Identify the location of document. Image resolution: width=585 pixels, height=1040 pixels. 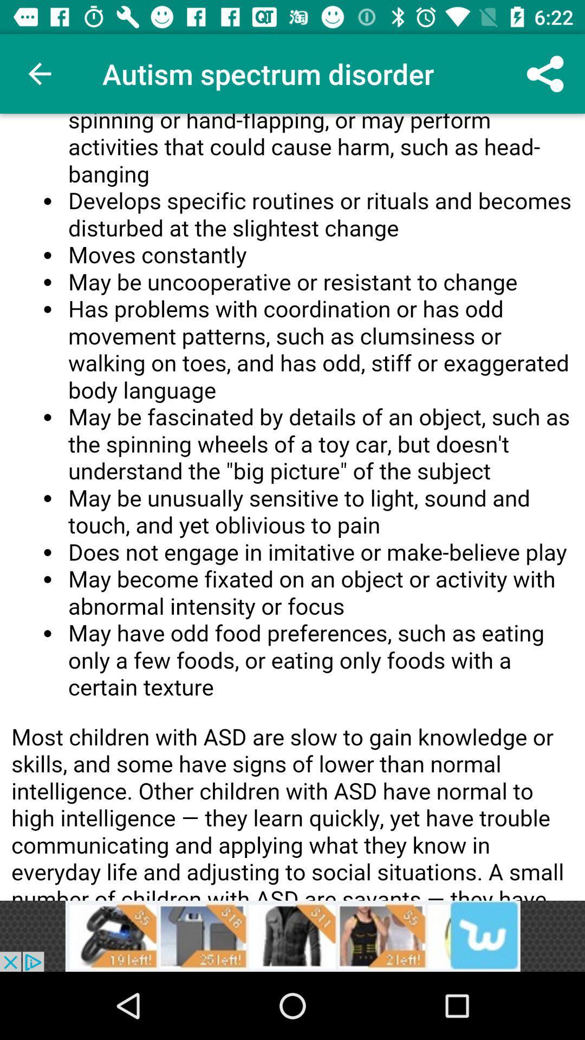
(292, 506).